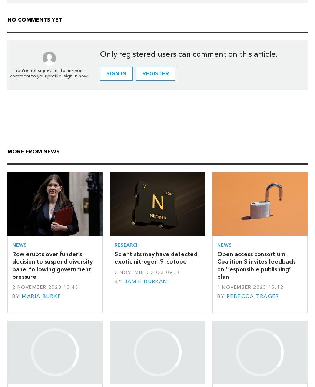 The image size is (315, 387). What do you see at coordinates (7, 151) in the screenshot?
I see `'More from News'` at bounding box center [7, 151].